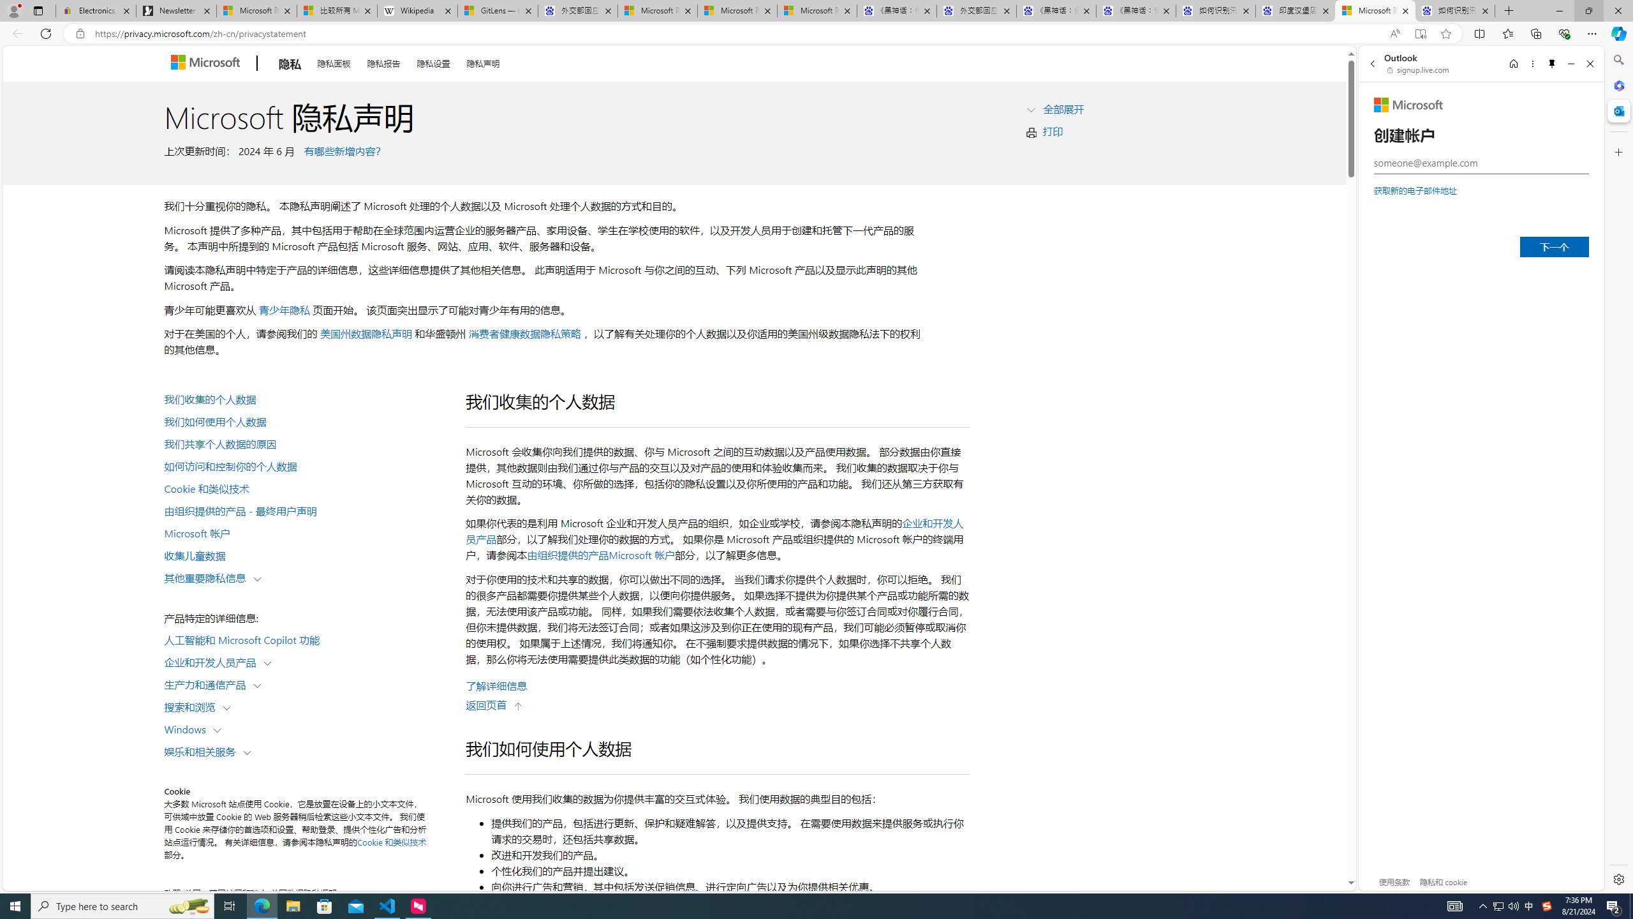 This screenshot has height=919, width=1633. Describe the element at coordinates (176, 10) in the screenshot. I see `'Newsletter Sign Up'` at that location.